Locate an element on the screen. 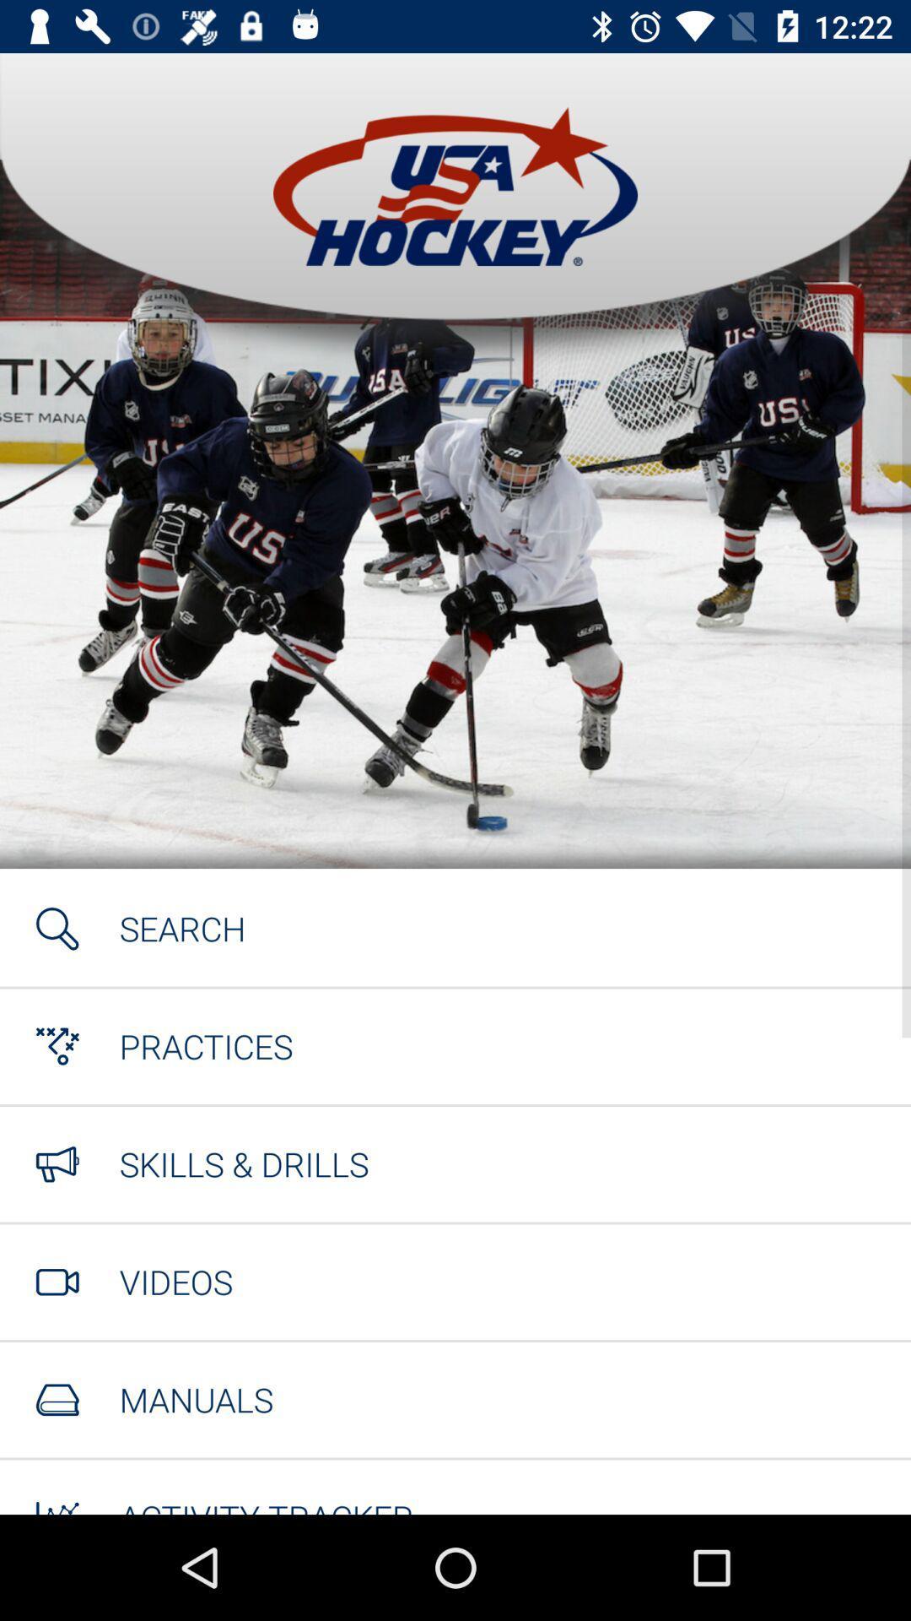 This screenshot has width=911, height=1621. item above skills & drills item is located at coordinates (205, 1045).